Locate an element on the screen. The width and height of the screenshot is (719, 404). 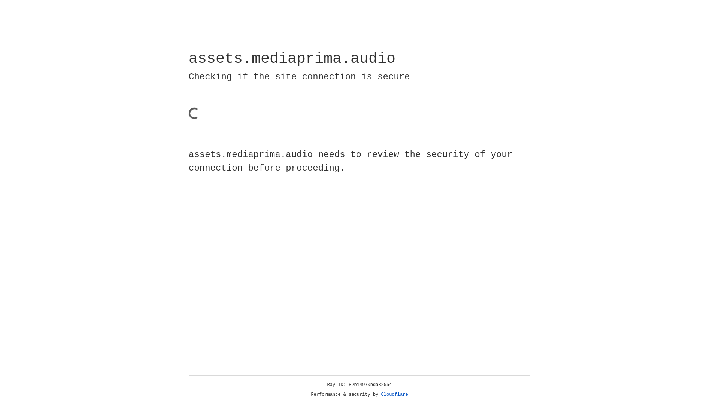
'Cloudflare' is located at coordinates (394, 394).